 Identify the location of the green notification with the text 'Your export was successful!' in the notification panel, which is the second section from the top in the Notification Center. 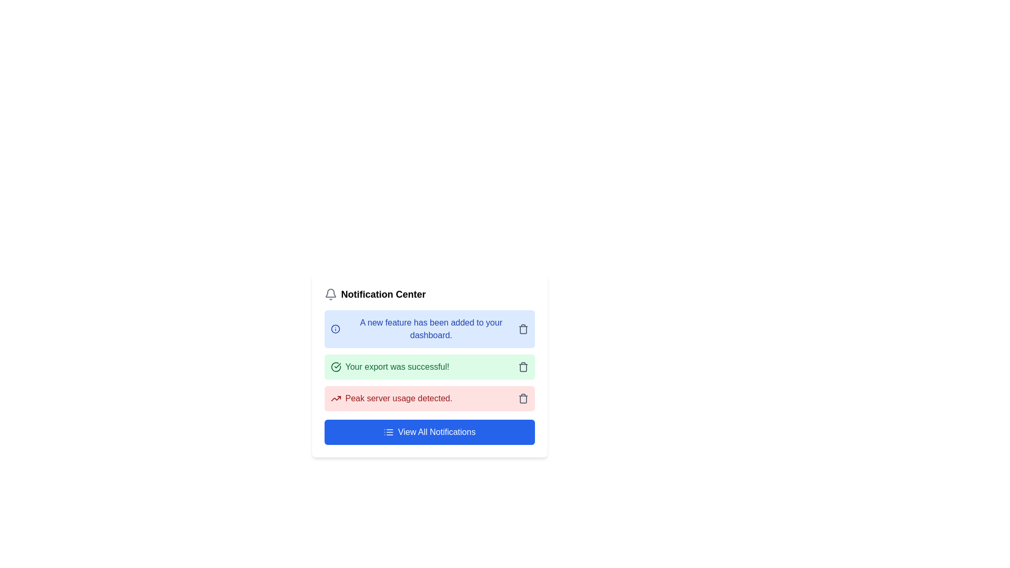
(429, 360).